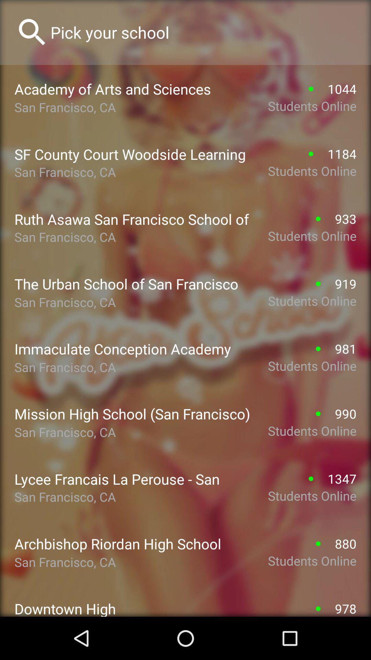 The height and width of the screenshot is (660, 371). I want to click on search textbox, so click(203, 32).